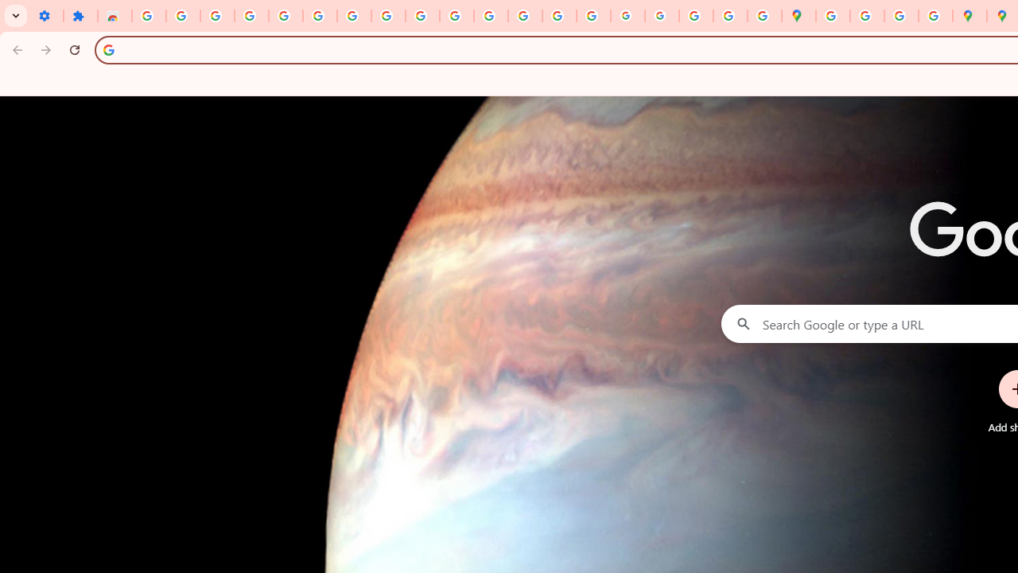  Describe the element at coordinates (216, 16) in the screenshot. I see `'Delete photos & videos - Computer - Google Photos Help'` at that location.